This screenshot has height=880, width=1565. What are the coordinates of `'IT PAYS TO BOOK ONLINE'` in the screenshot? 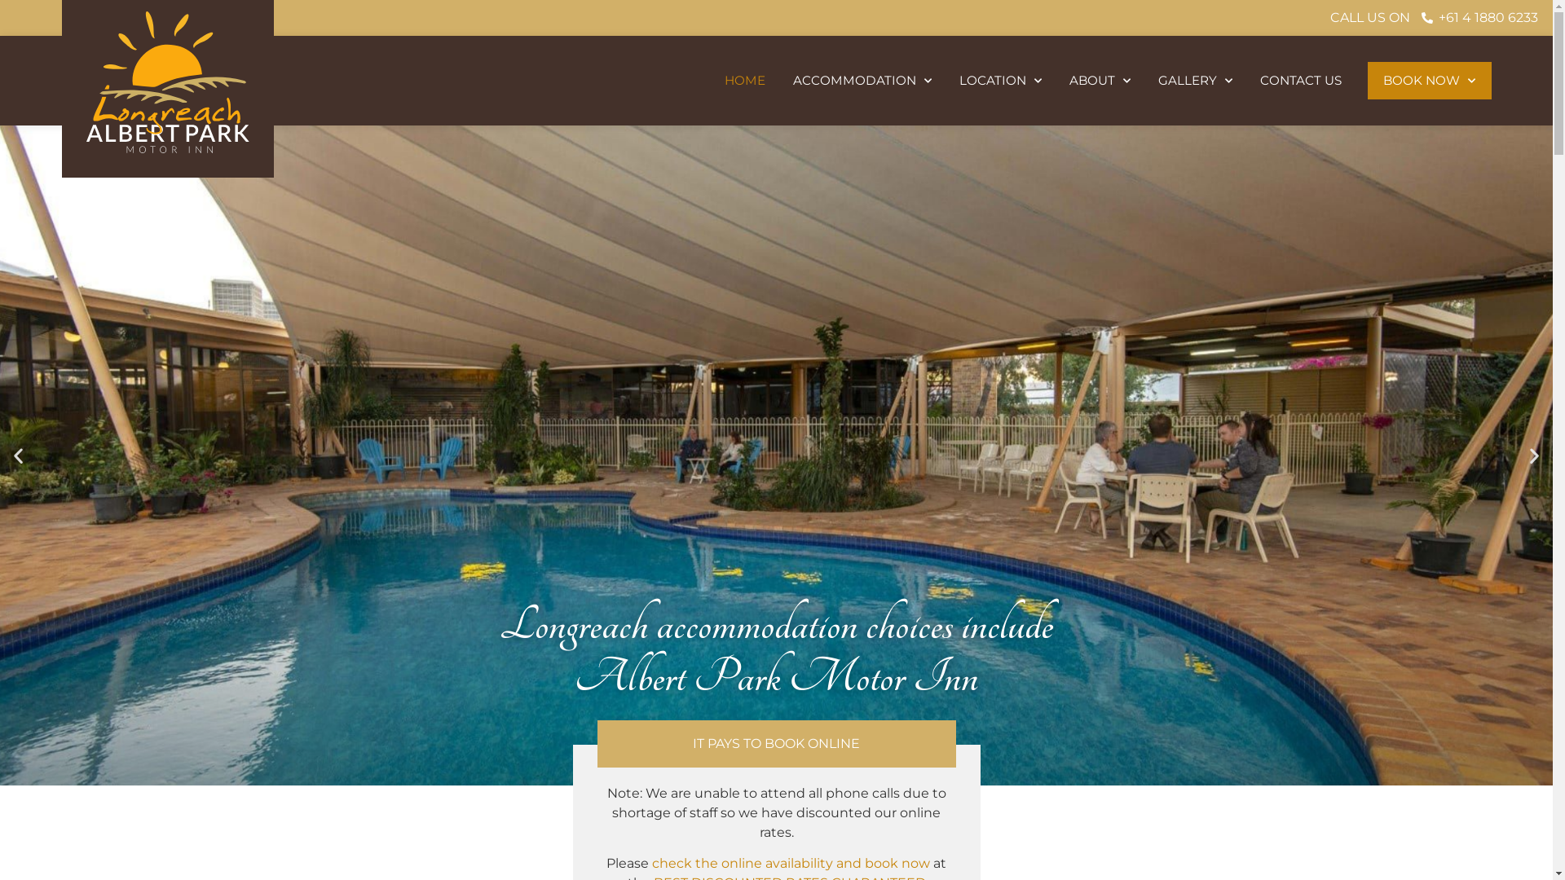 It's located at (775, 743).